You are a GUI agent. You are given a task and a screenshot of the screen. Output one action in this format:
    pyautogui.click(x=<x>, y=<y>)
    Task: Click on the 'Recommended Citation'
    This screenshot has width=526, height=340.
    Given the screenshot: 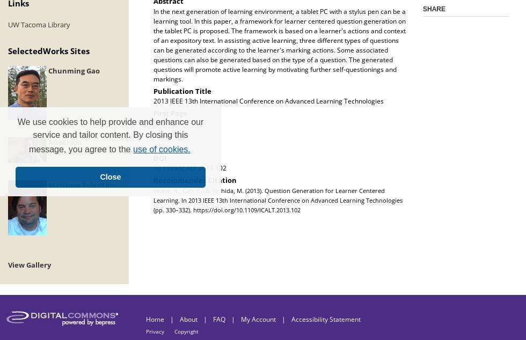 What is the action you would take?
    pyautogui.click(x=195, y=180)
    